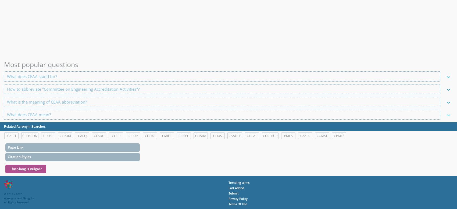 Image resolution: width=457 pixels, height=209 pixels. I want to click on 'This Slang is Vulgar?', so click(10, 169).